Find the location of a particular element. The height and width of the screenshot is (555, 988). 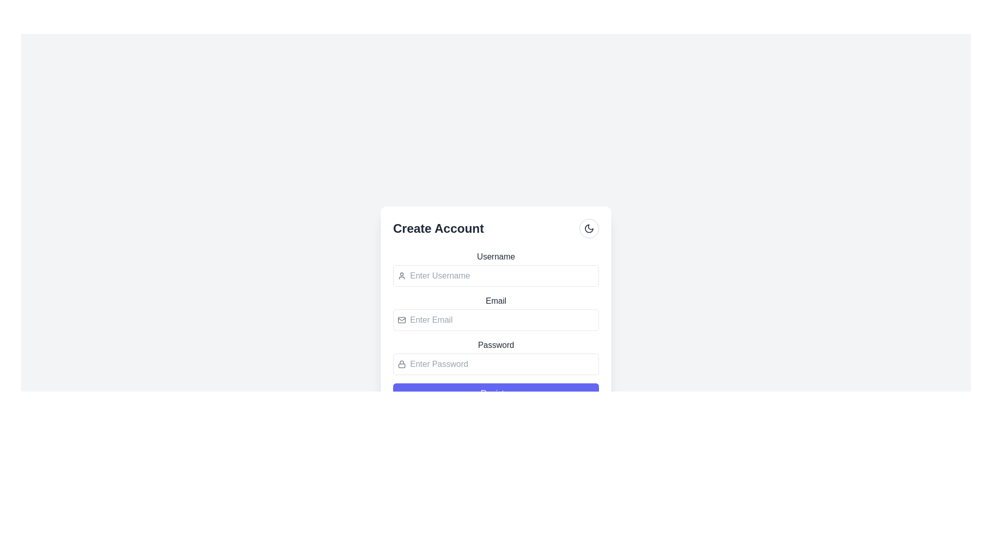

the 'Password' label which provides contextual information for the corresponding input field is located at coordinates (496, 345).